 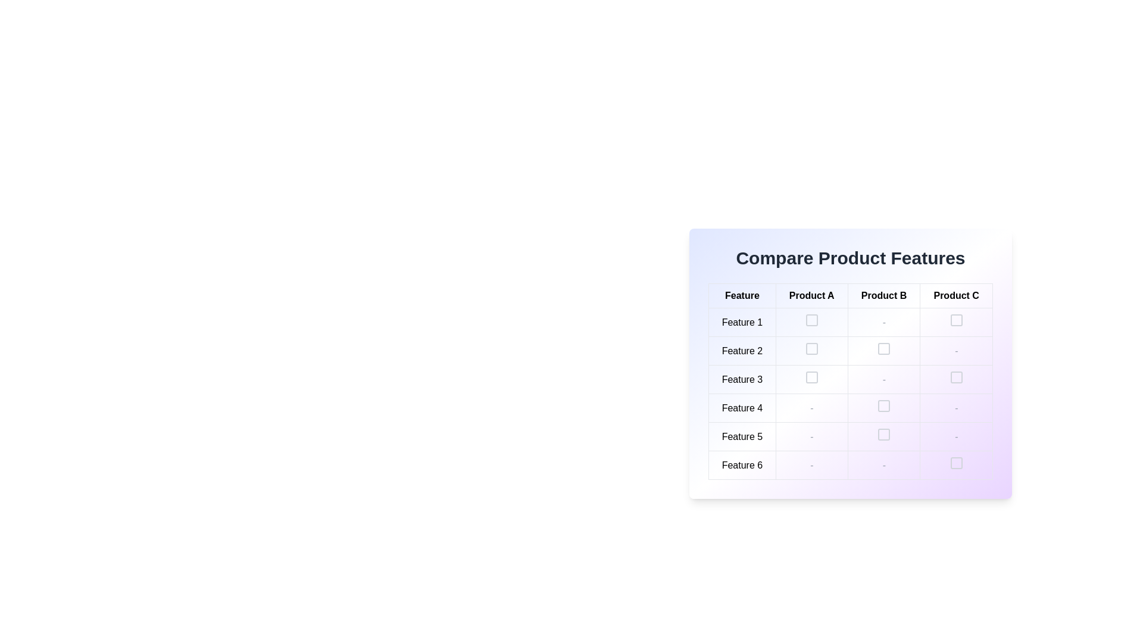 What do you see at coordinates (741, 407) in the screenshot?
I see `the row header in the fourth row, first column of the 'Compare Product Features' table` at bounding box center [741, 407].